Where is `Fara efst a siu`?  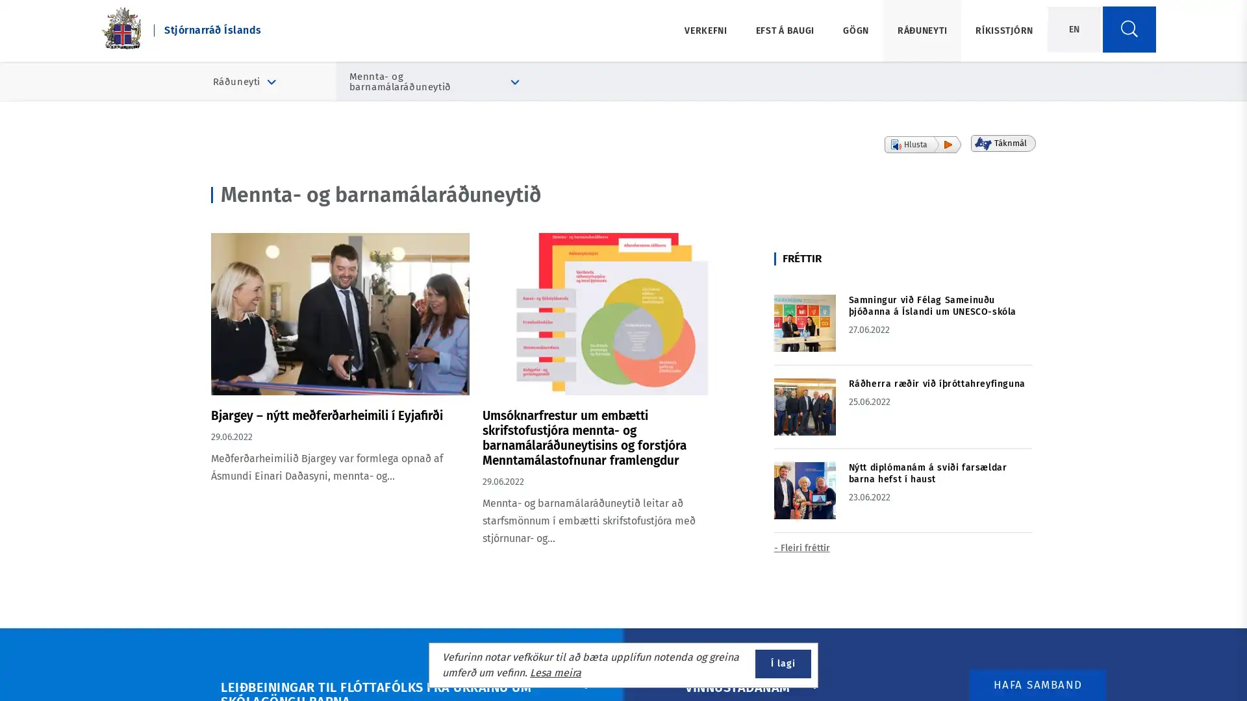
Fara efst a siu is located at coordinates (1197, 658).